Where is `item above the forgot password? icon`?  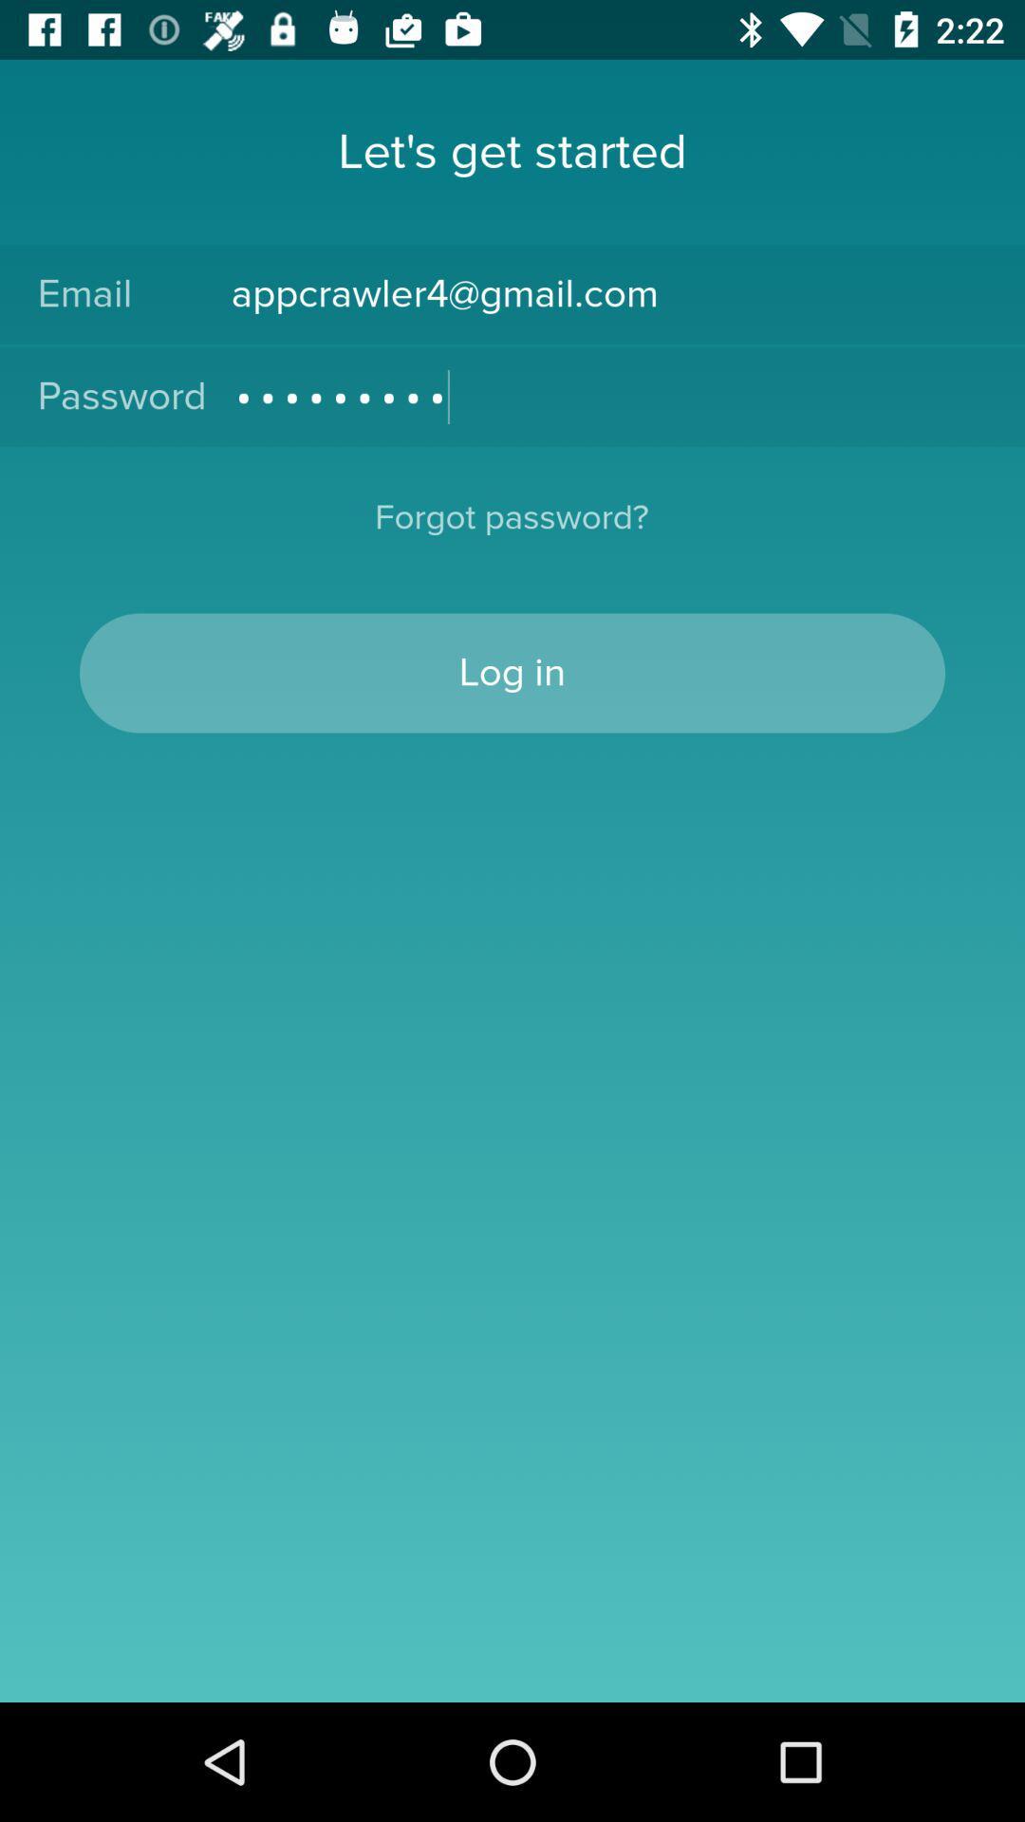
item above the forgot password? icon is located at coordinates (608, 396).